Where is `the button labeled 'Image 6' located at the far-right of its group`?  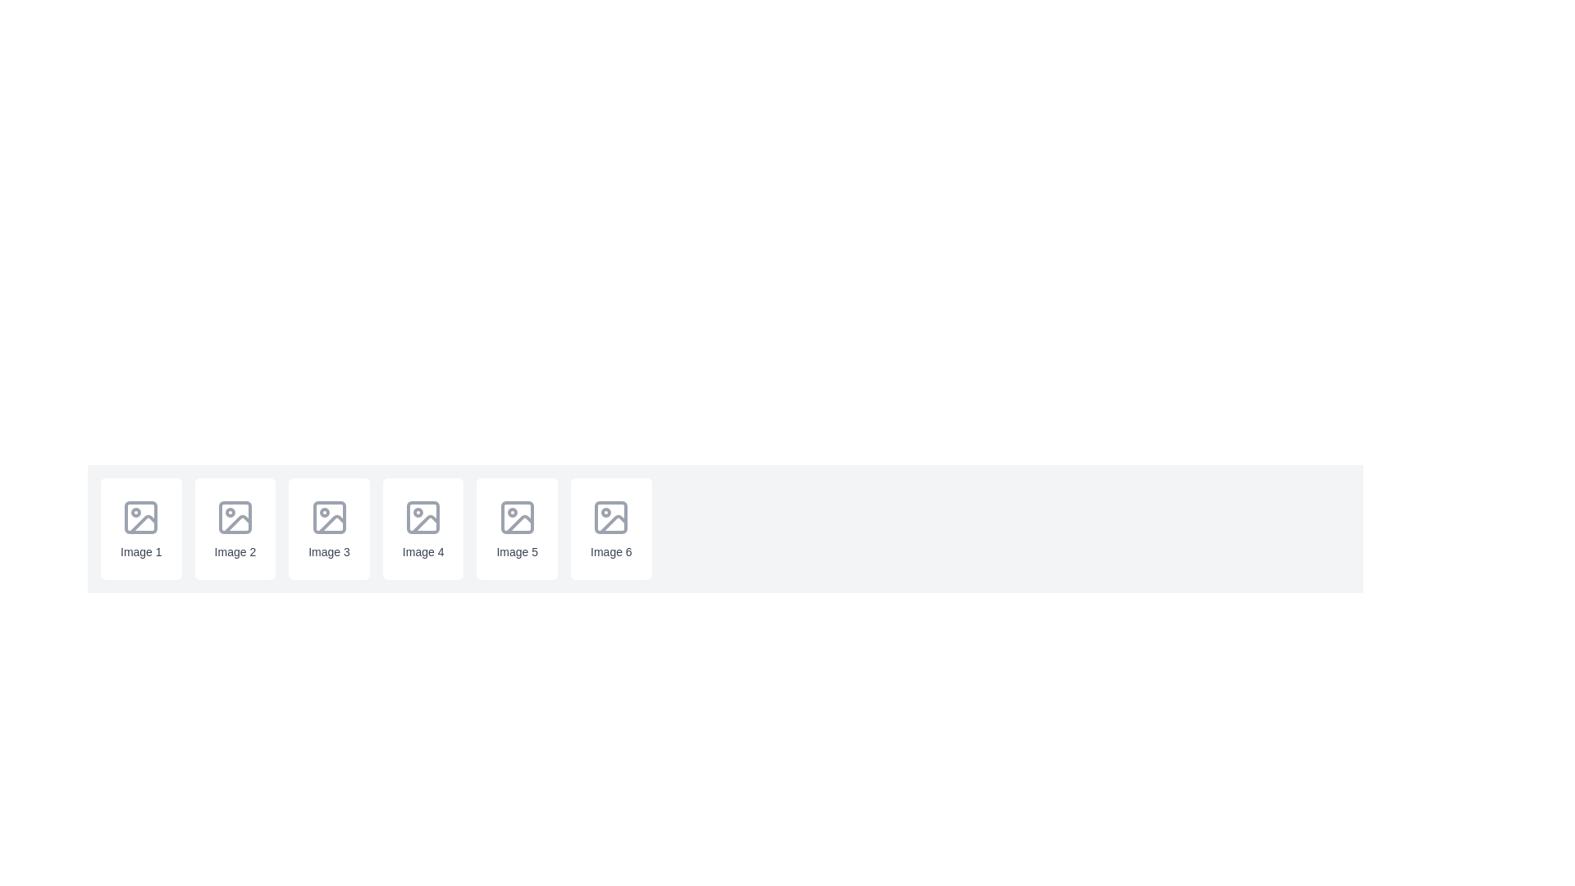
the button labeled 'Image 6' located at the far-right of its group is located at coordinates (610, 528).